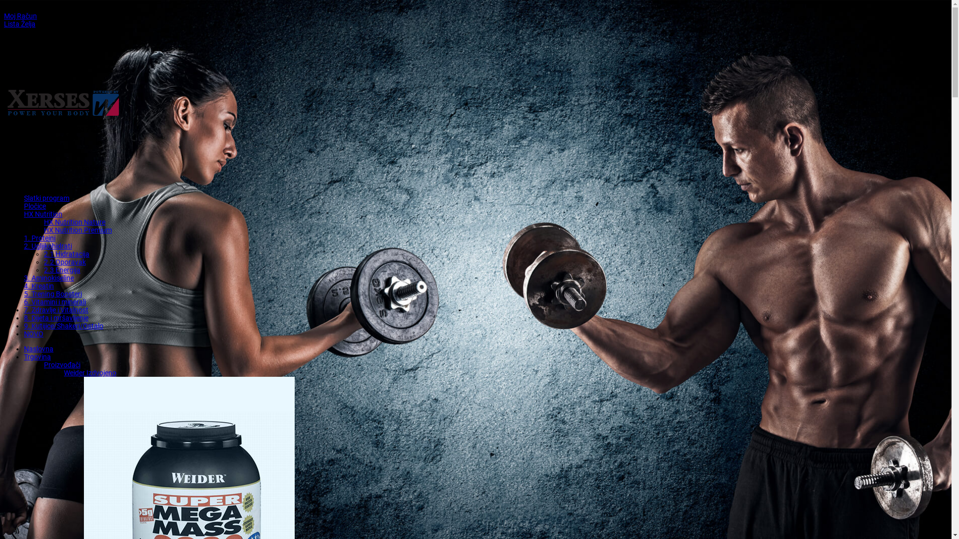 The width and height of the screenshot is (959, 539). I want to click on '2.1 Hidratacija', so click(66, 254).